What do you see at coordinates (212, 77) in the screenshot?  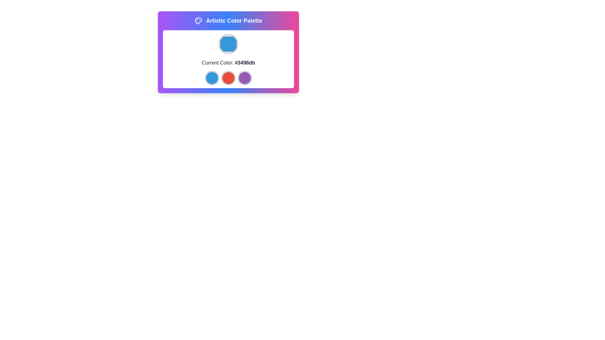 I see `the leftmost circular button representing the blue color option located at the bottom of the card-like component` at bounding box center [212, 77].